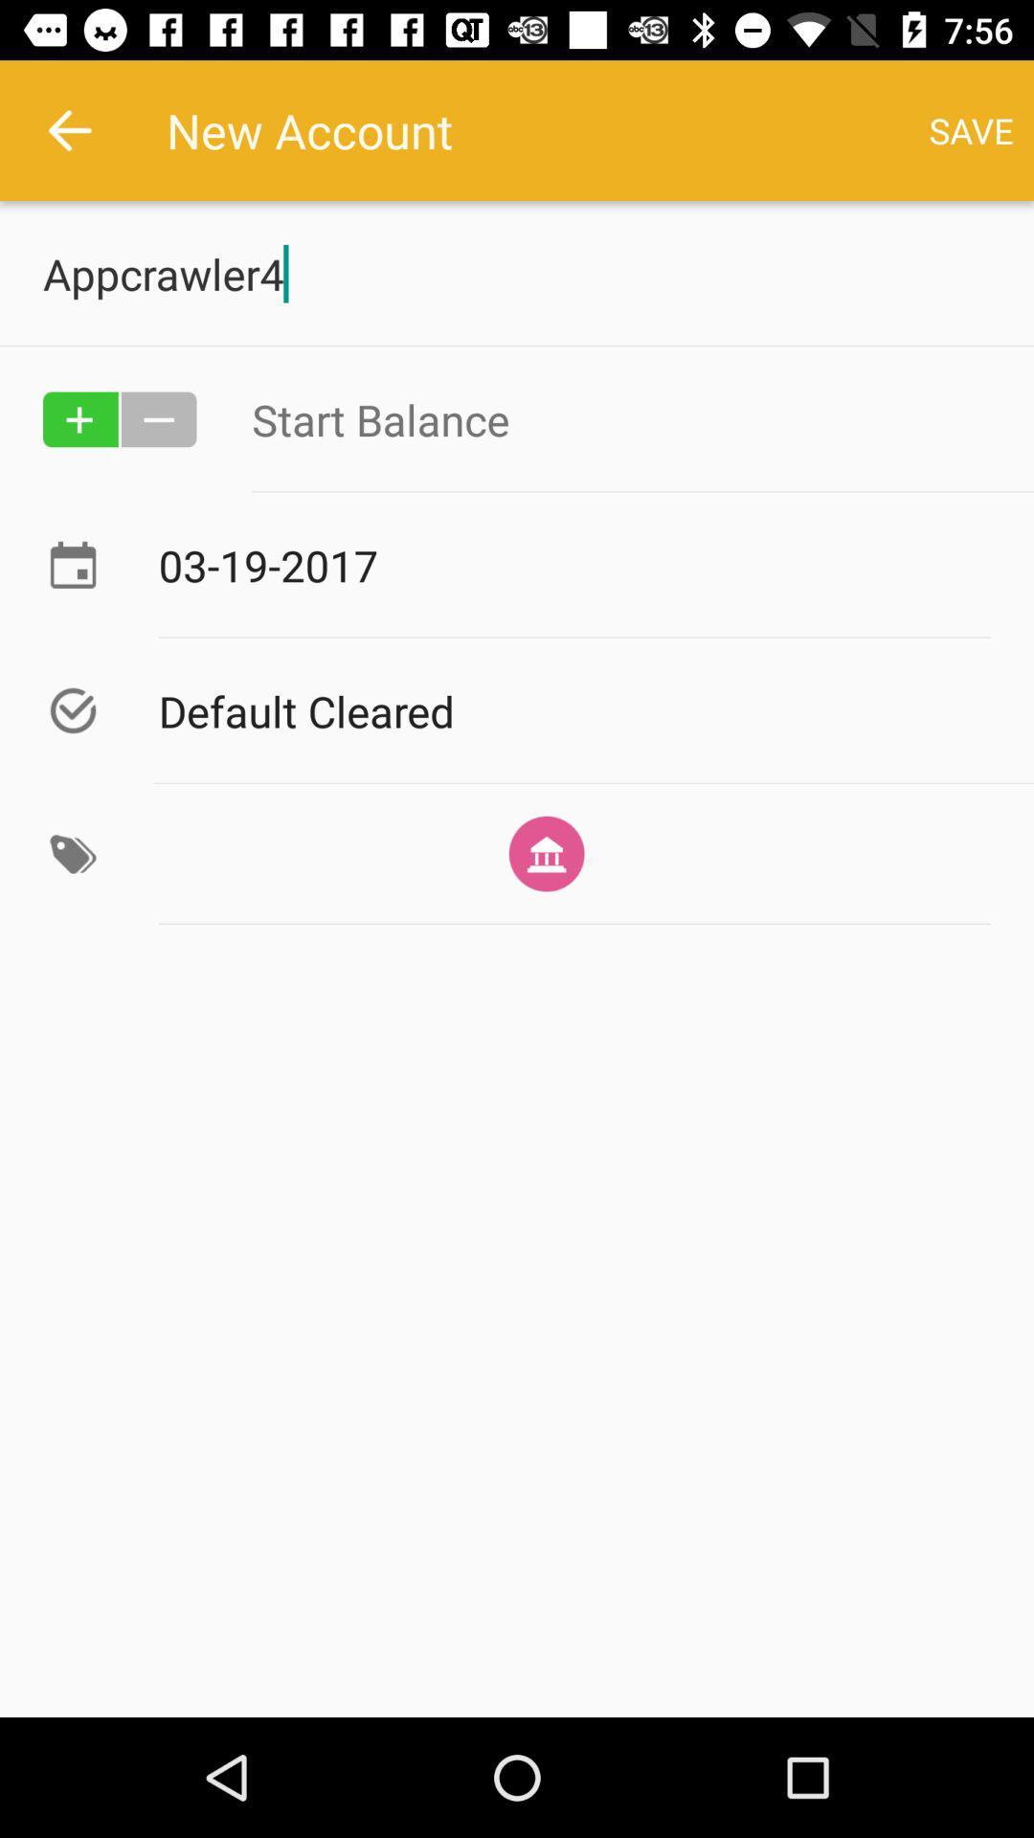 The image size is (1034, 1838). Describe the element at coordinates (79, 418) in the screenshot. I see `the add icon` at that location.